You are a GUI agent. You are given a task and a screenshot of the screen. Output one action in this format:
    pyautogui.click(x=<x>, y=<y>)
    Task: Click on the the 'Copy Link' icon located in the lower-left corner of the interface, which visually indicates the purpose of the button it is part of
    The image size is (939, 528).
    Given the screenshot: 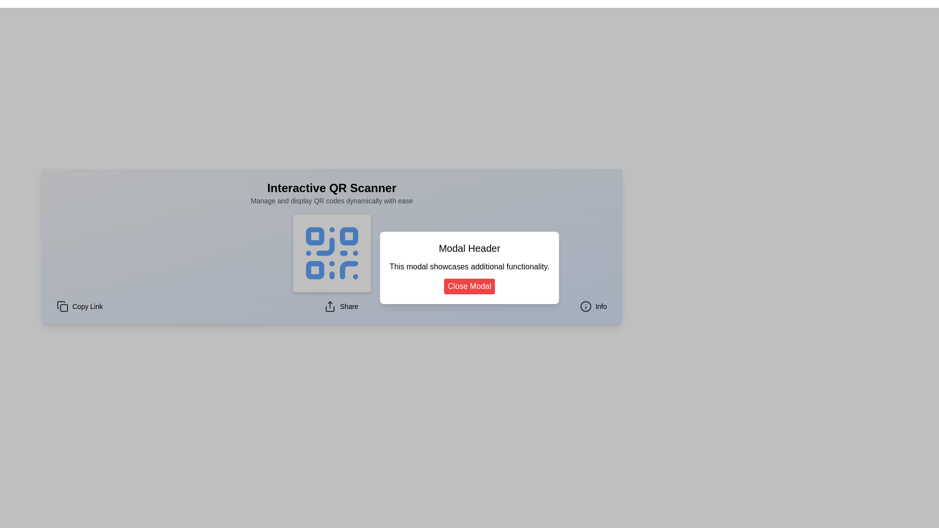 What is the action you would take?
    pyautogui.click(x=60, y=305)
    